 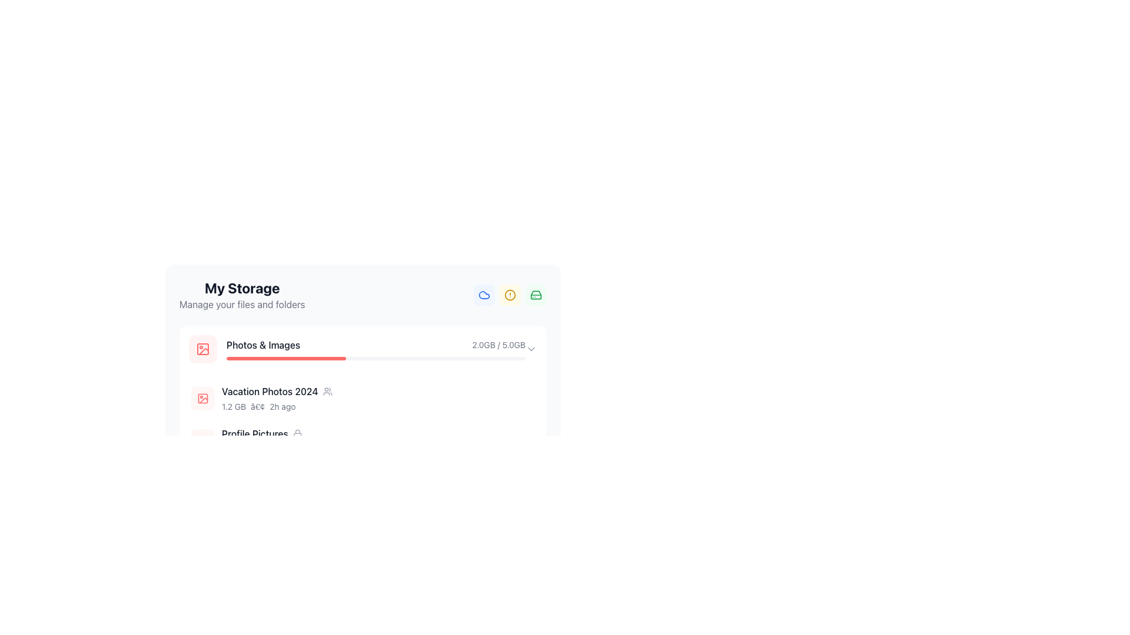 I want to click on the text label for the folder titled 'Vacation Photos 2024', which is positioned in the 'Photos & Images' section, next to a folder icon, so click(x=269, y=392).